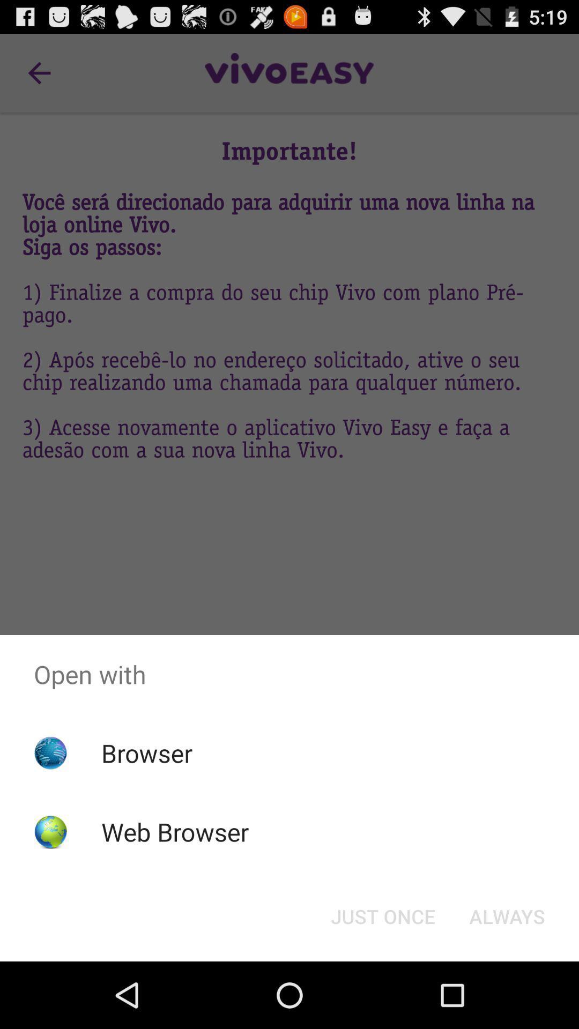 This screenshot has width=579, height=1029. Describe the element at coordinates (507, 915) in the screenshot. I see `icon next to the just once button` at that location.